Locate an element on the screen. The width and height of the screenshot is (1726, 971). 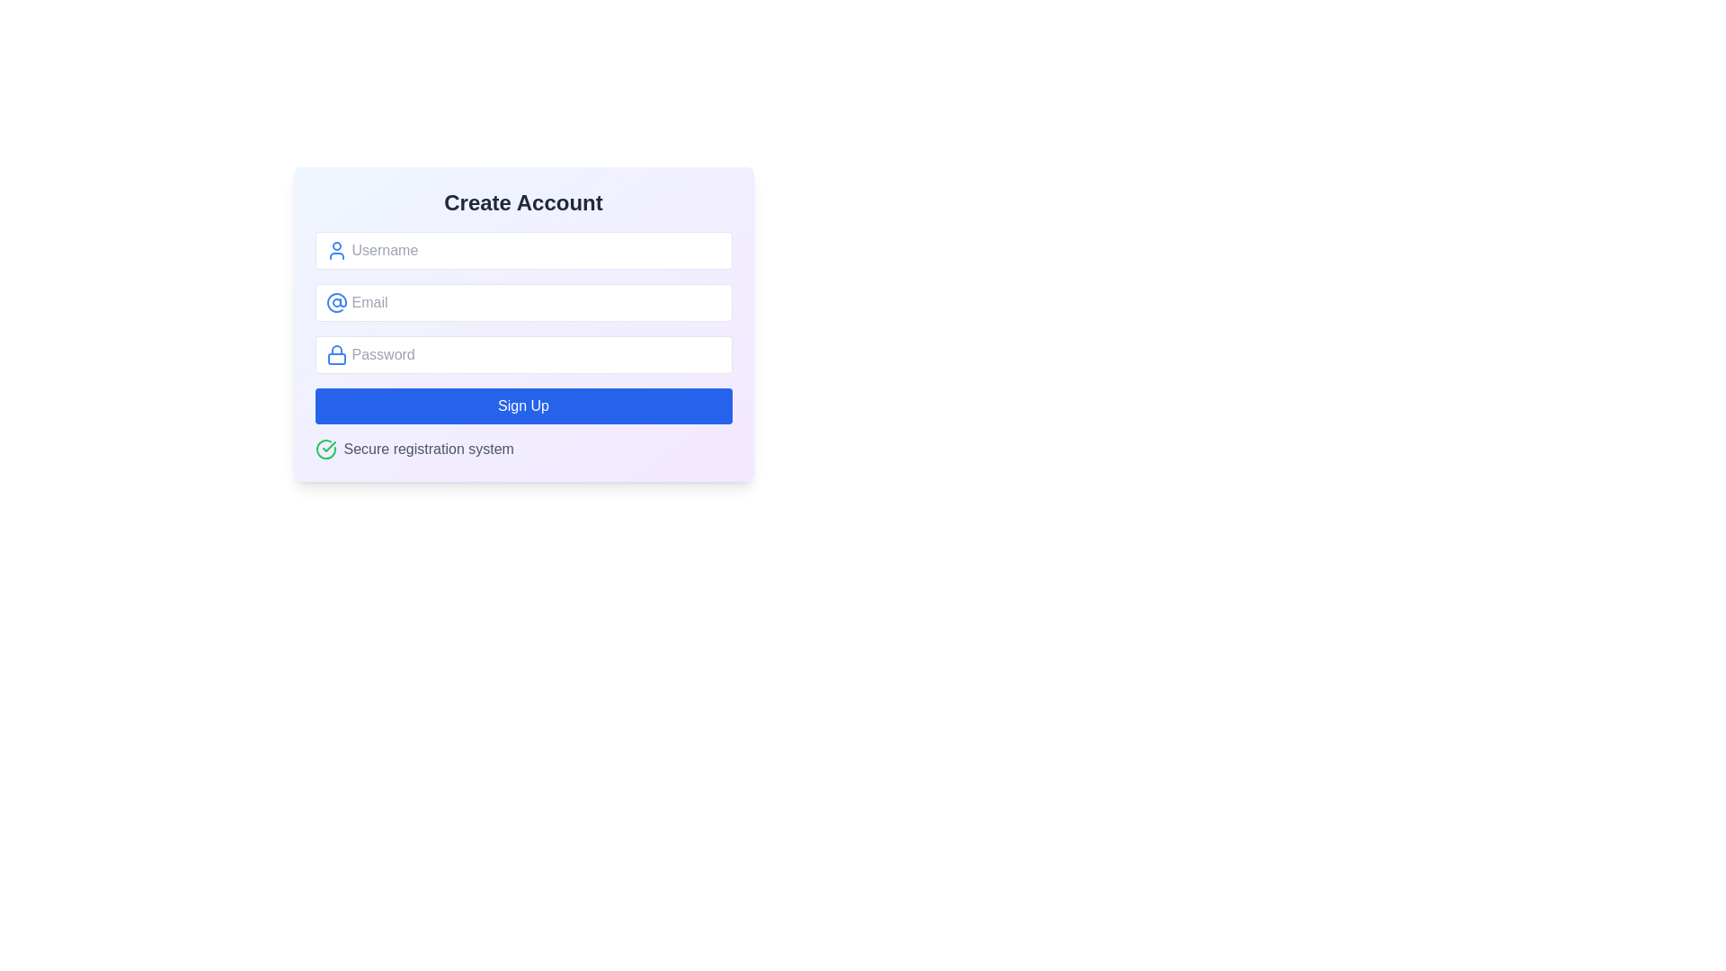
the submit button located at the bottom of the registration form to initiate the account creation process is located at coordinates (522, 405).